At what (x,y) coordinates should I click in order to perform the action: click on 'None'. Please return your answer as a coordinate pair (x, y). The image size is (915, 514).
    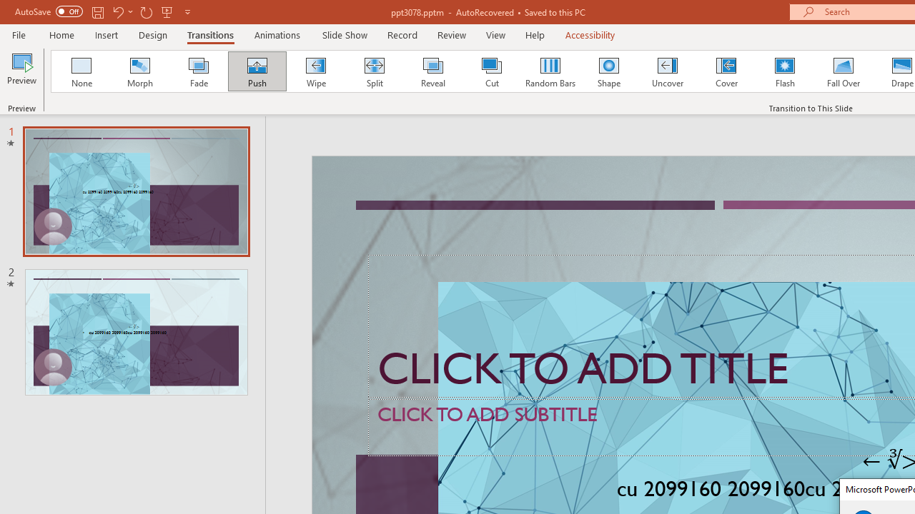
    Looking at the image, I should click on (80, 71).